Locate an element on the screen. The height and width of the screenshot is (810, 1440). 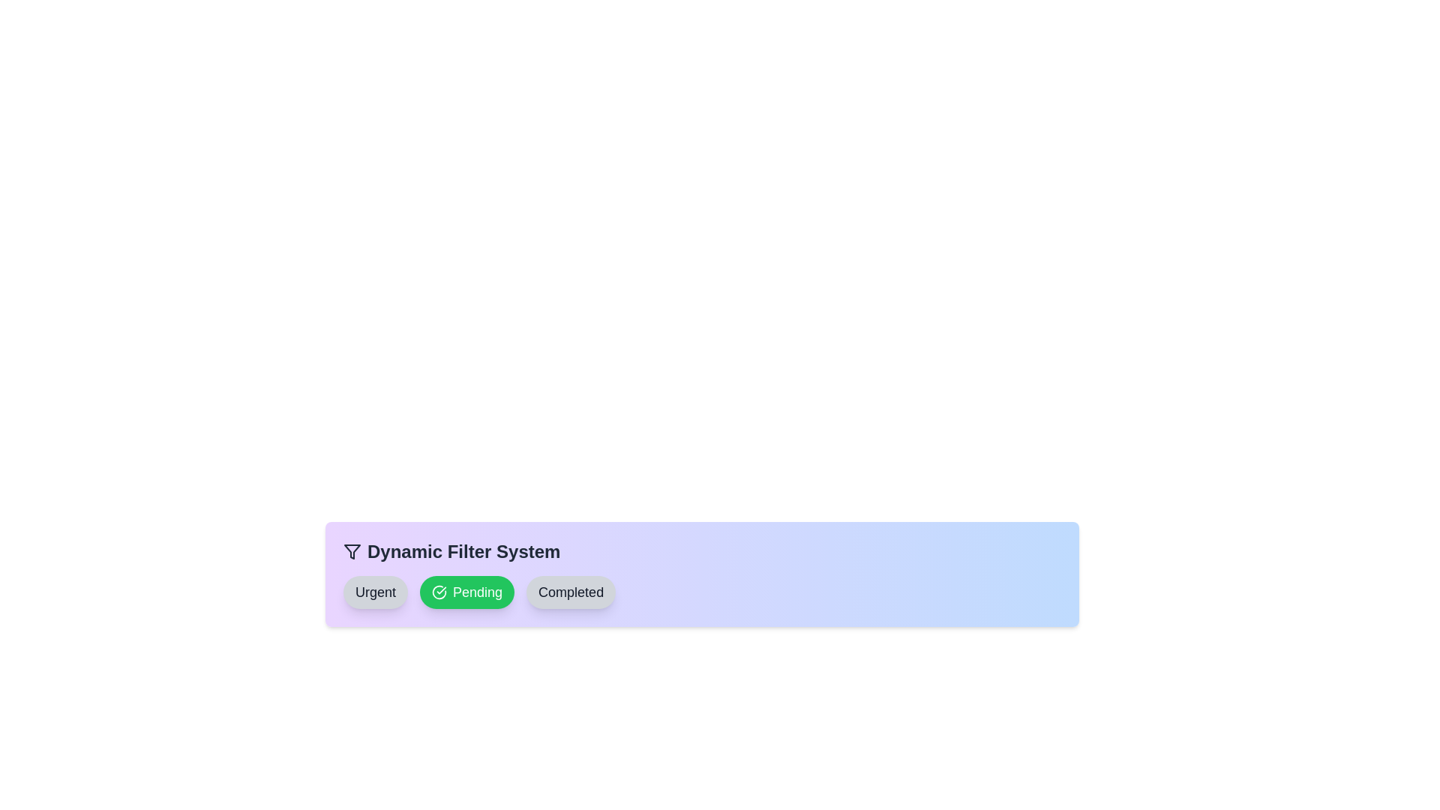
the filter icon at the header of the component is located at coordinates (352, 552).